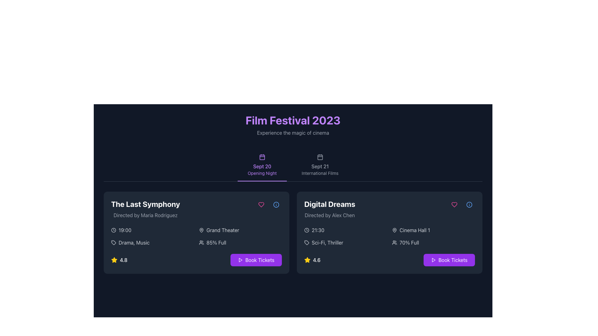 This screenshot has width=598, height=336. Describe the element at coordinates (320, 157) in the screenshot. I see `the Calendar Body icon, which is a rounded rectangle with no visible fill, located centrally under the 'Film Festival 2023' header` at that location.